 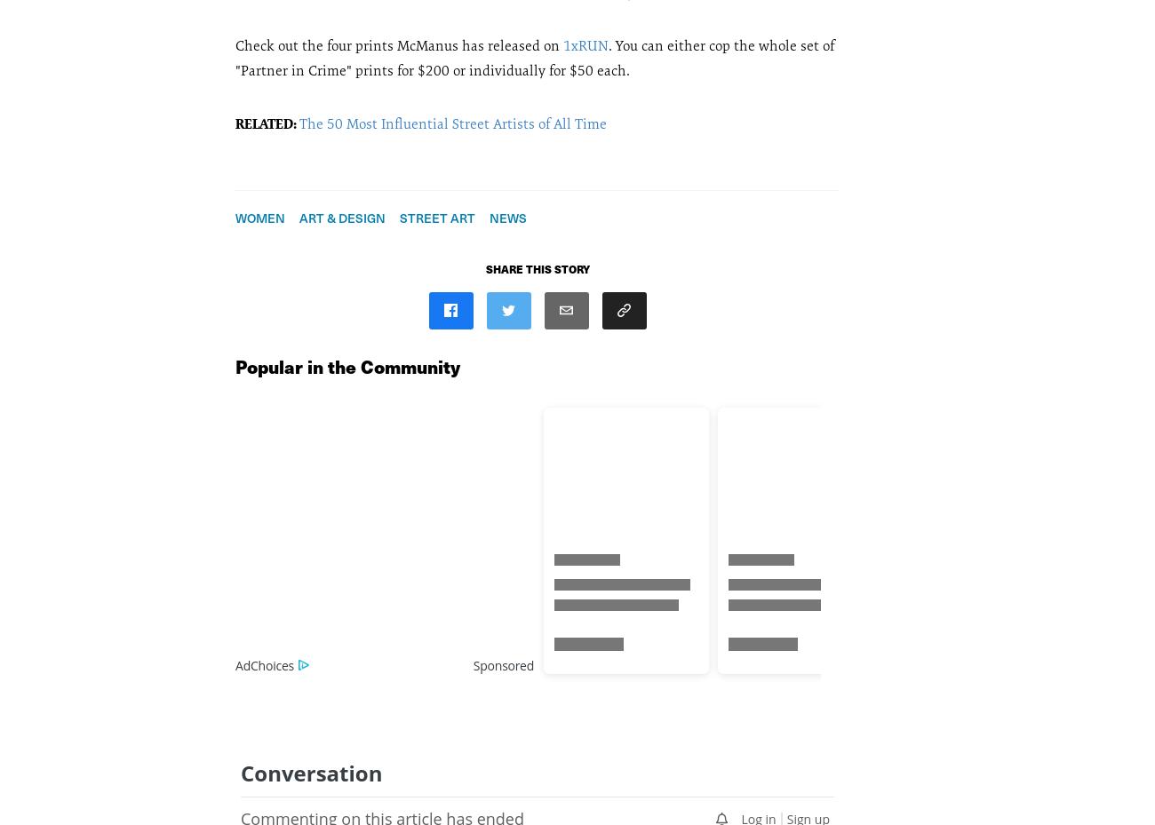 I want to click on 'The 50 Most Influential Street Artists of All Time', so click(x=452, y=123).